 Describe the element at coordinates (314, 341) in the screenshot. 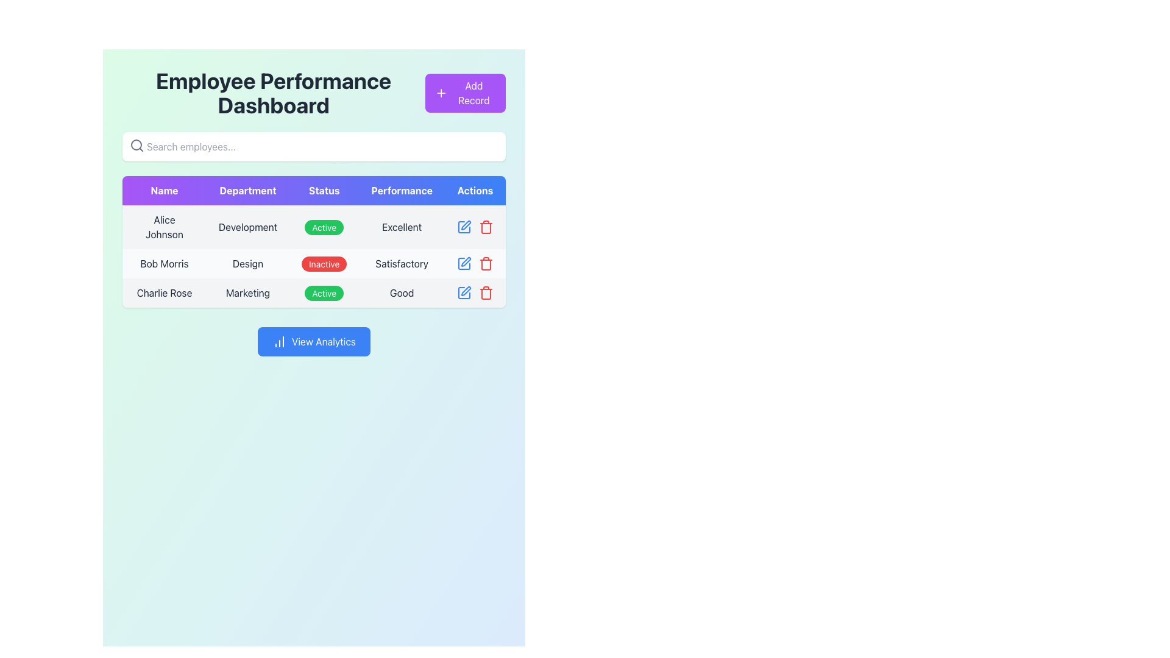

I see `the rectangular blue button labeled 'View Analytics' located below the main data table` at that location.